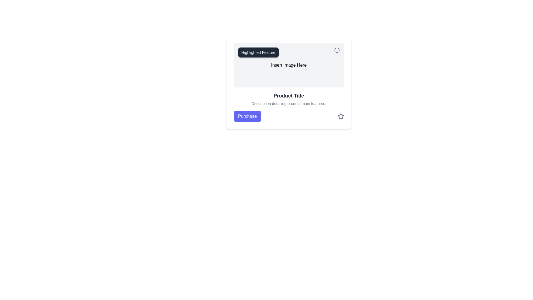  What do you see at coordinates (289, 99) in the screenshot?
I see `text from the Text Block element containing 'Product Title' and product features, located below the 'Insert Image Here' placeholder and above the 'Purchase' button` at bounding box center [289, 99].